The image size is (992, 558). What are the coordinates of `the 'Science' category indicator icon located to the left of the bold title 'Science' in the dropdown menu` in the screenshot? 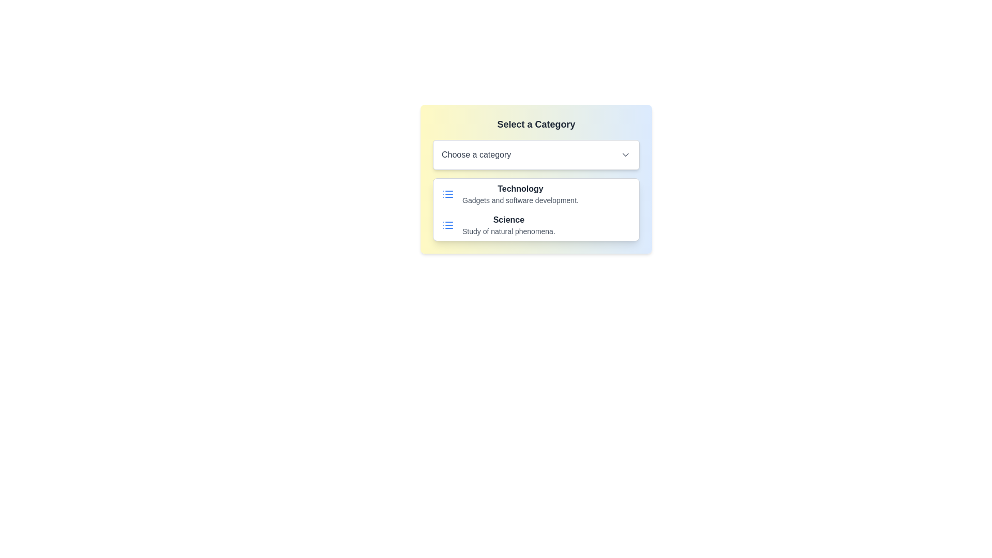 It's located at (448, 224).